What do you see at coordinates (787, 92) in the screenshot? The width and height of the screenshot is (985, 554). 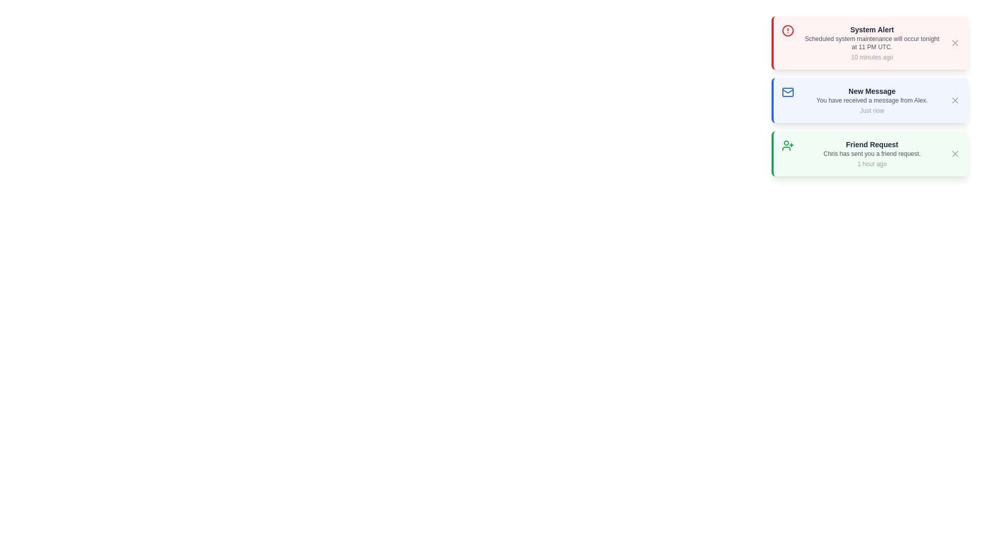 I see `the main body of the envelope icon, which is a rectangular shape with rounded corners, representing the body of the envelope in the 'New Message' notification` at bounding box center [787, 92].